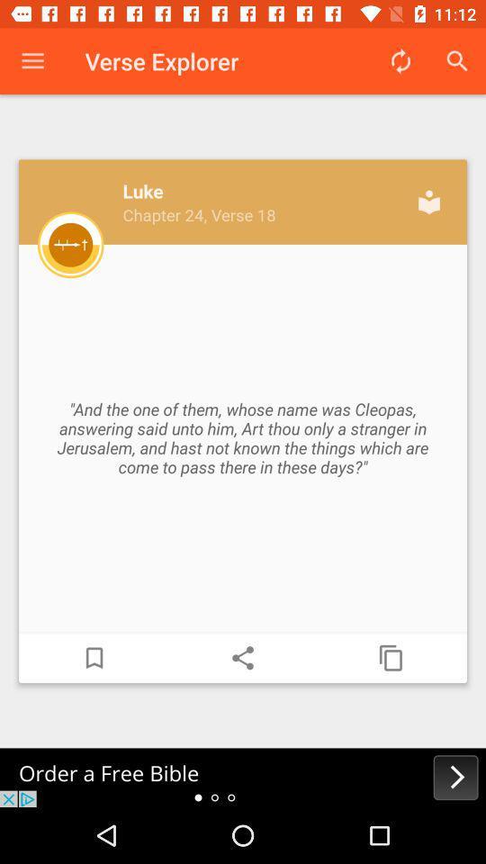  I want to click on bookmark, so click(94, 657).